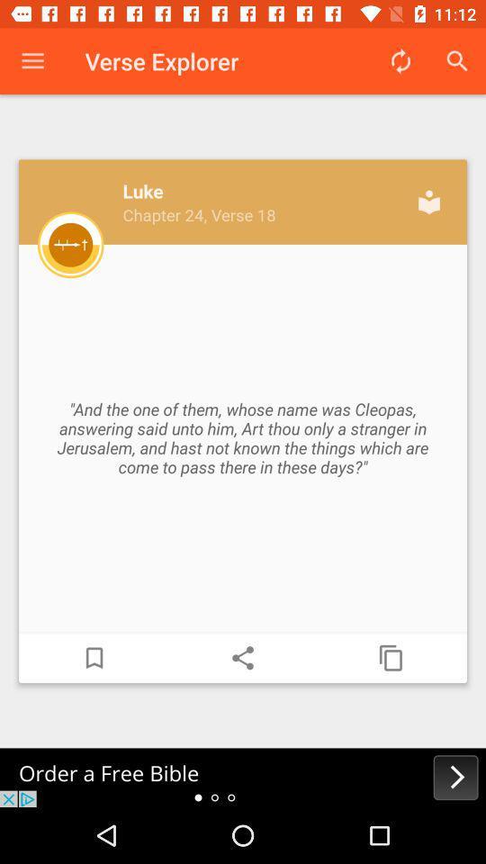  I want to click on bookmark, so click(94, 657).